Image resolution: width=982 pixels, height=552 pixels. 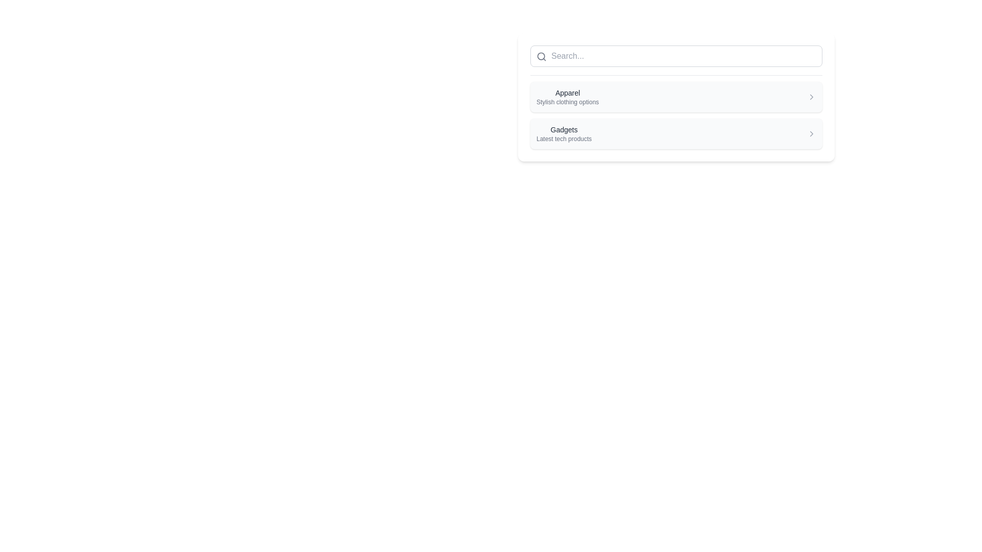 What do you see at coordinates (567, 97) in the screenshot?
I see `the two-line labeled text block that displays 'Apparel' in bold and 'Stylish clothing options' below it` at bounding box center [567, 97].